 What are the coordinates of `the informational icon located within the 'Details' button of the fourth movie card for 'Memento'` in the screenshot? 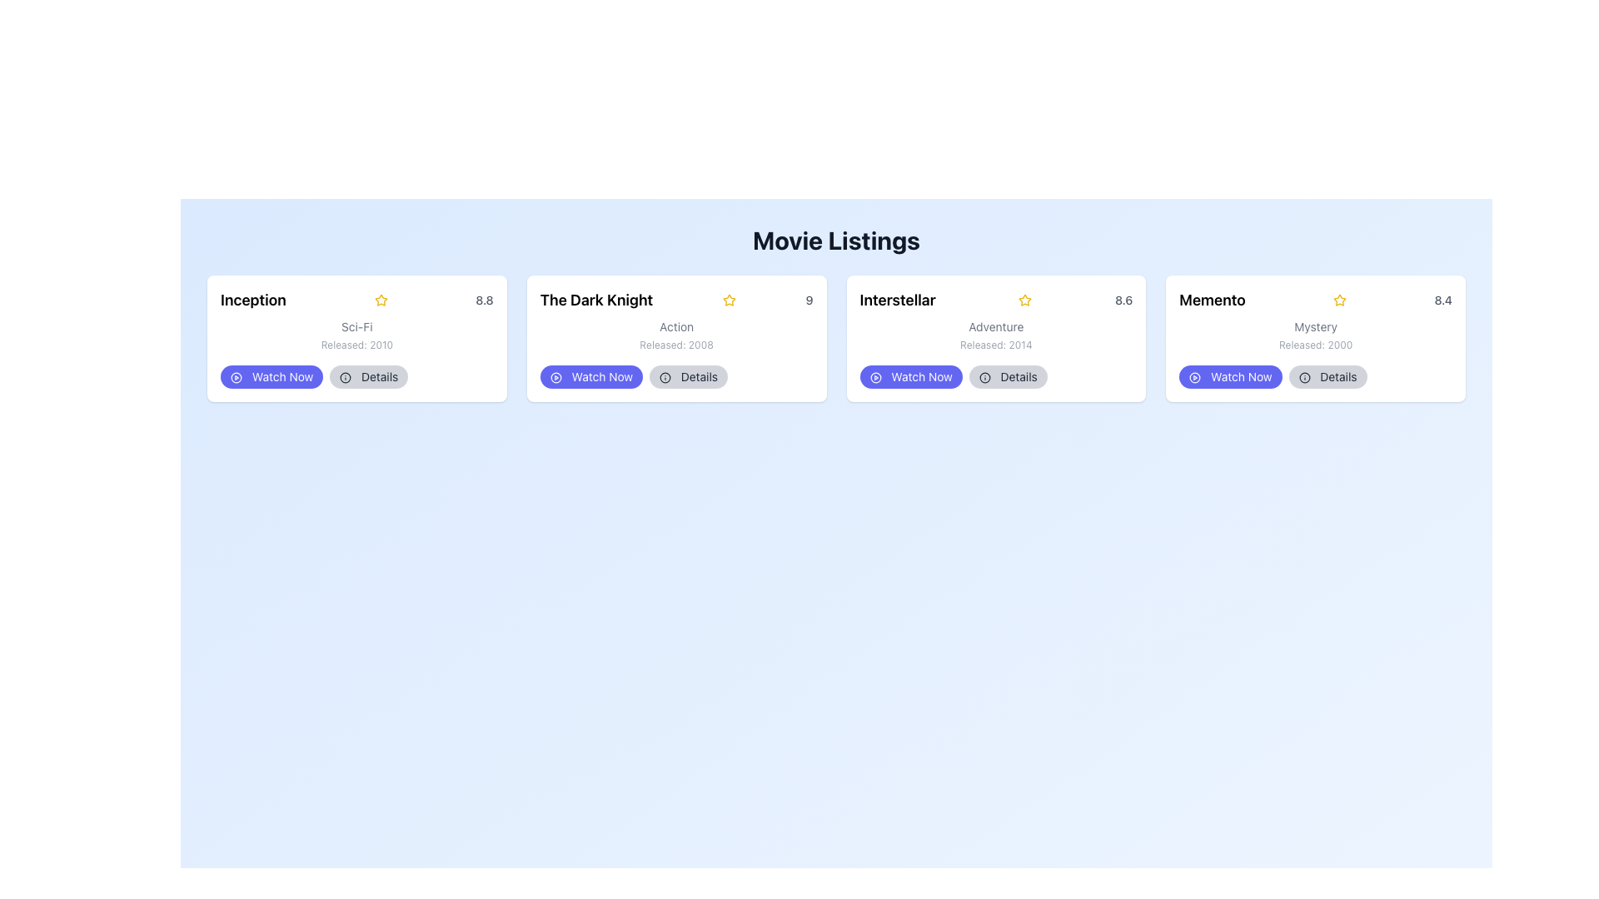 It's located at (1303, 378).